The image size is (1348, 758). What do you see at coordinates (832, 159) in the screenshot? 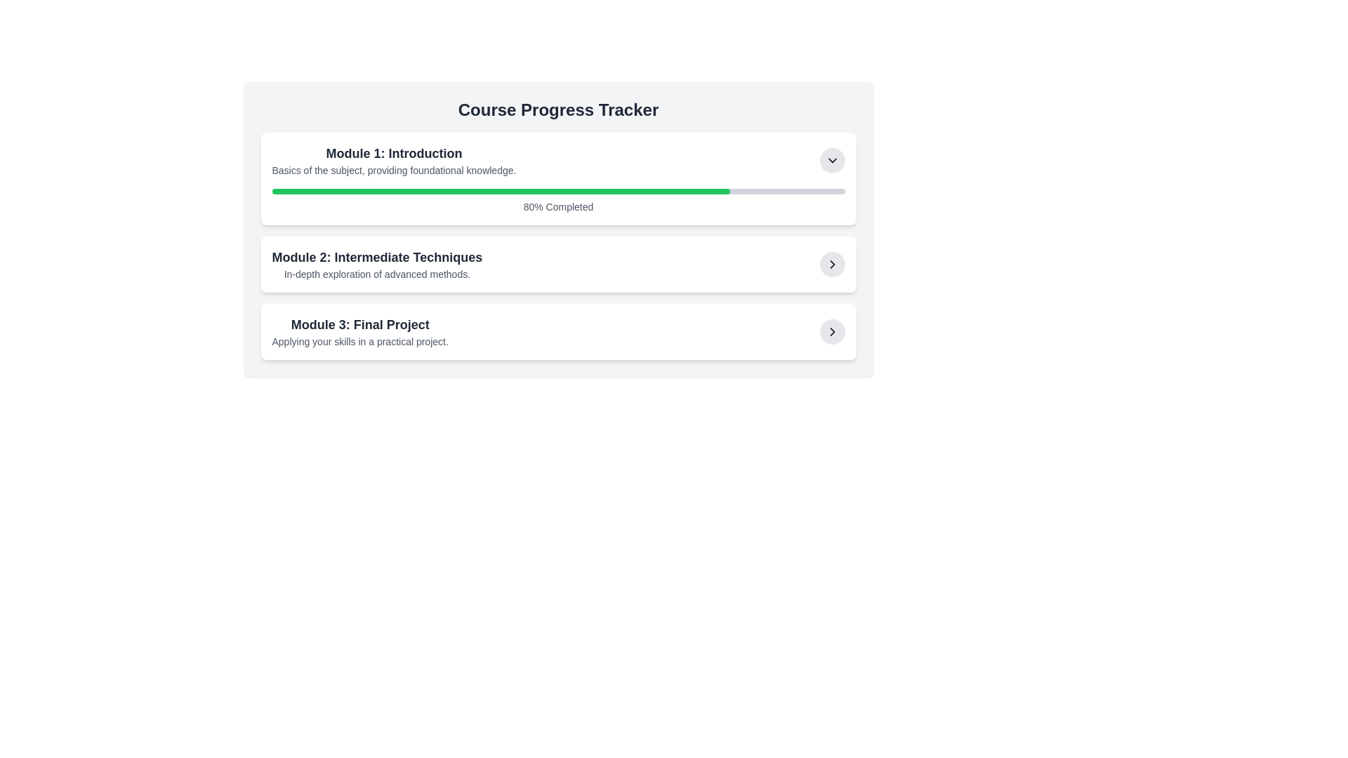
I see `the circular button with a light gray background and a downward arrow icon` at bounding box center [832, 159].